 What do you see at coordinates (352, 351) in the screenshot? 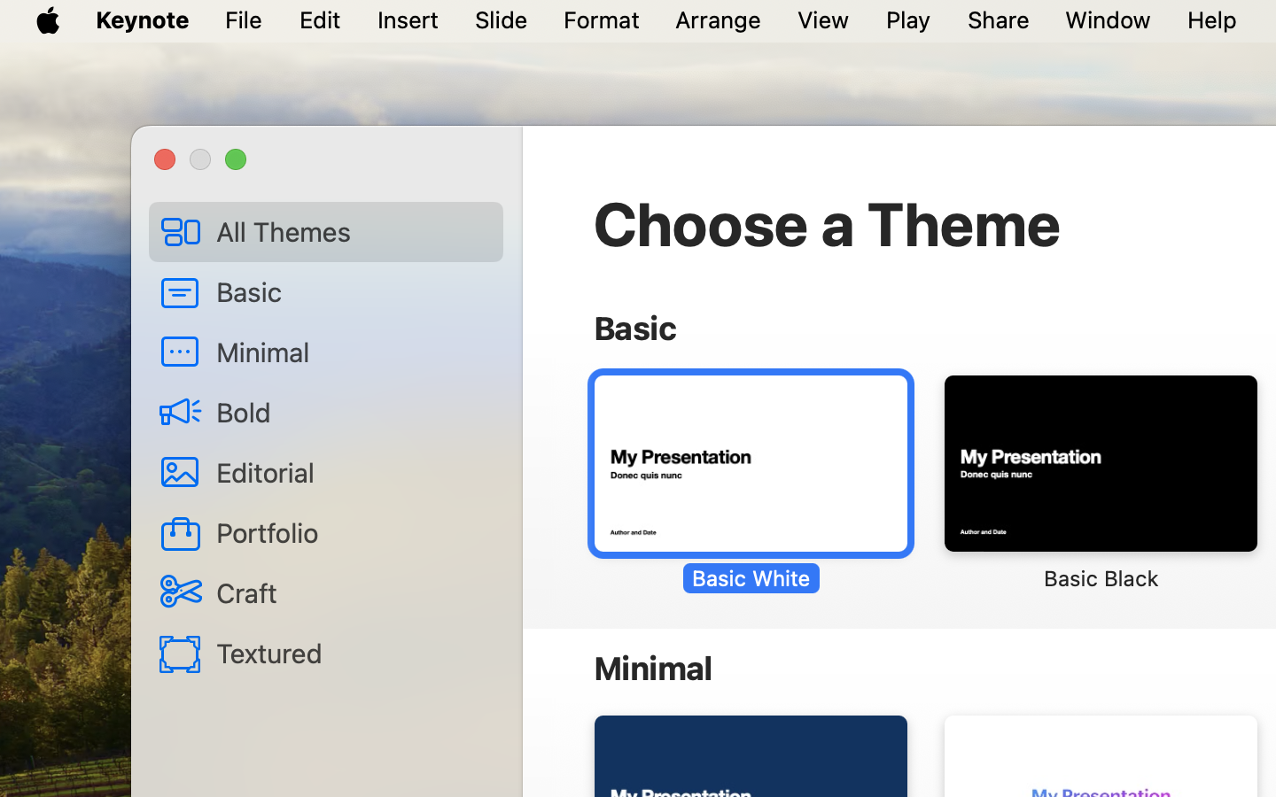
I see `'Minimal'` at bounding box center [352, 351].